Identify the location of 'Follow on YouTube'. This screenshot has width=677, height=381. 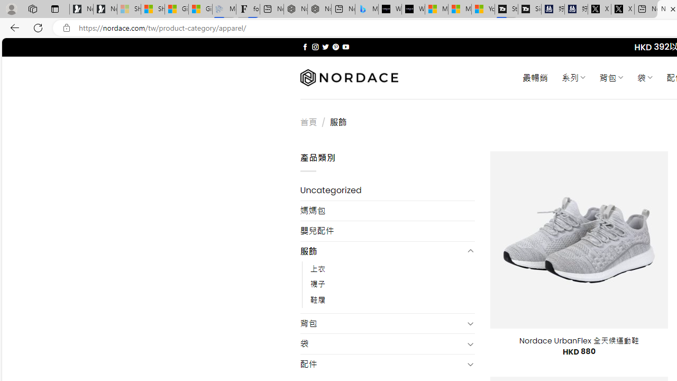
(345, 47).